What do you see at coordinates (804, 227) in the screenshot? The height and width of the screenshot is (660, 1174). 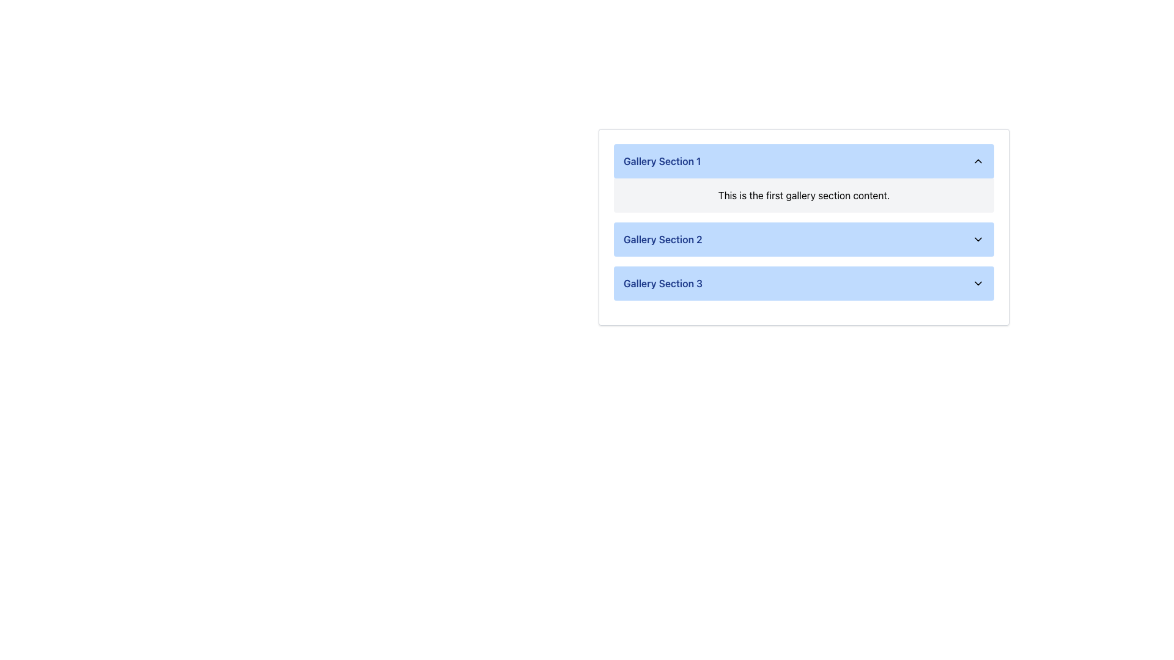 I see `the 'Gallery Section 2' Collapsible Section Header` at bounding box center [804, 227].